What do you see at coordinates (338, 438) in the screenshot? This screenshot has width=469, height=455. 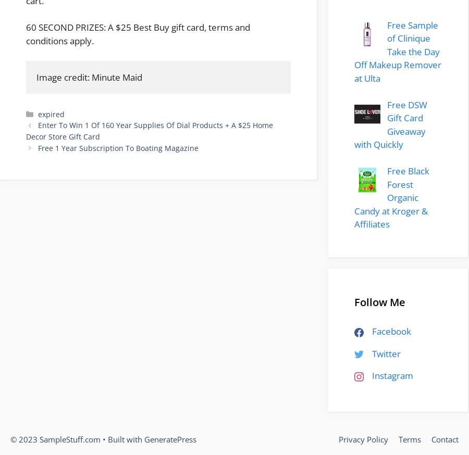 I see `'Privacy Policy'` at bounding box center [338, 438].